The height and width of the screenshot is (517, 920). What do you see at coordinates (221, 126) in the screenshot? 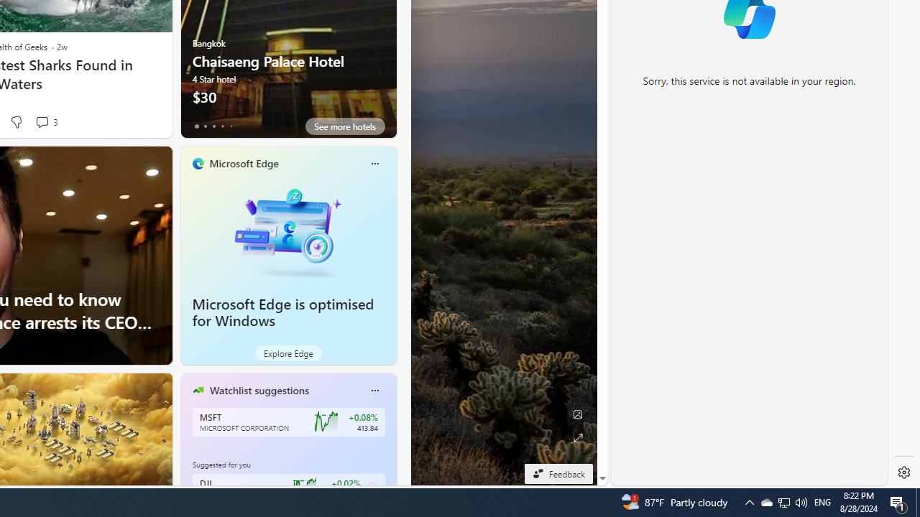
I see `'tab-3'` at bounding box center [221, 126].